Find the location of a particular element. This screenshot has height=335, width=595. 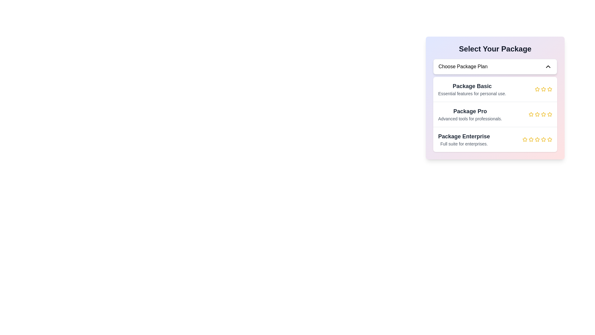

the fifth star icon to rate the 'Package Basic' plan in the 'Select Your Package' section is located at coordinates (550, 89).